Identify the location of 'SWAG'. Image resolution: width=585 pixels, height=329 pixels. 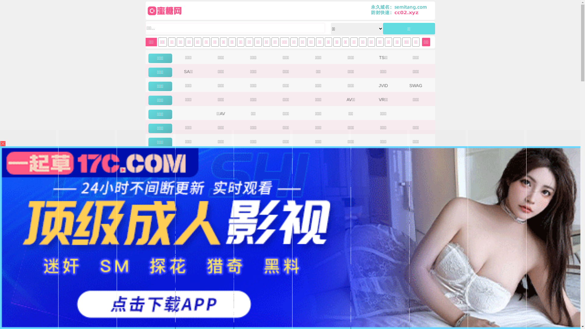
(415, 86).